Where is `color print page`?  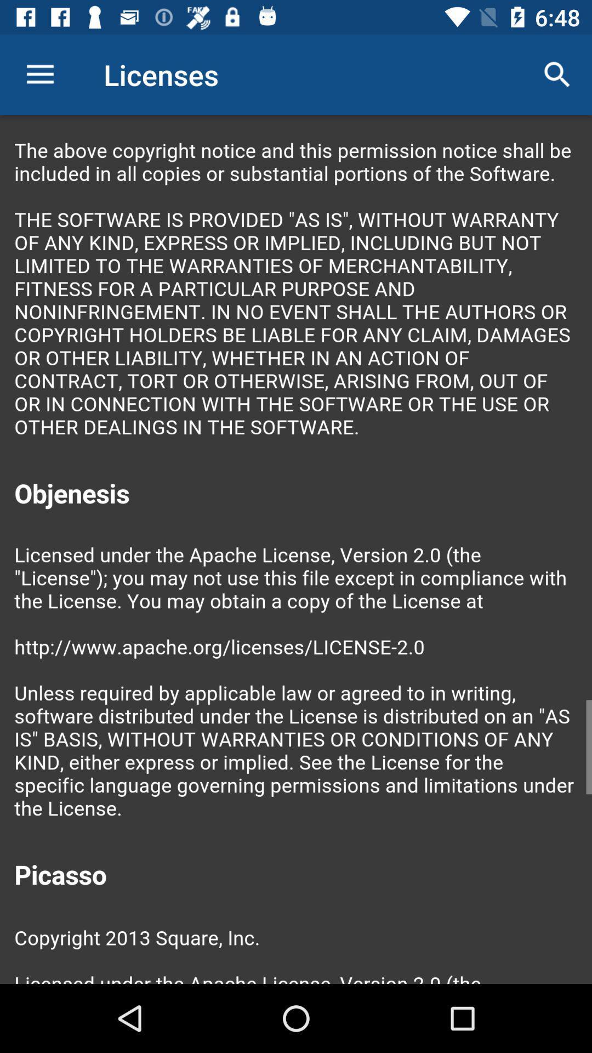
color print page is located at coordinates (296, 550).